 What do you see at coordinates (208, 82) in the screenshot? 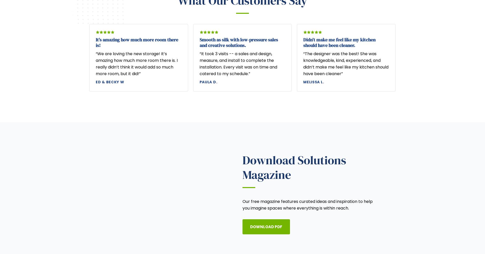
I see `'Paula D.'` at bounding box center [208, 82].